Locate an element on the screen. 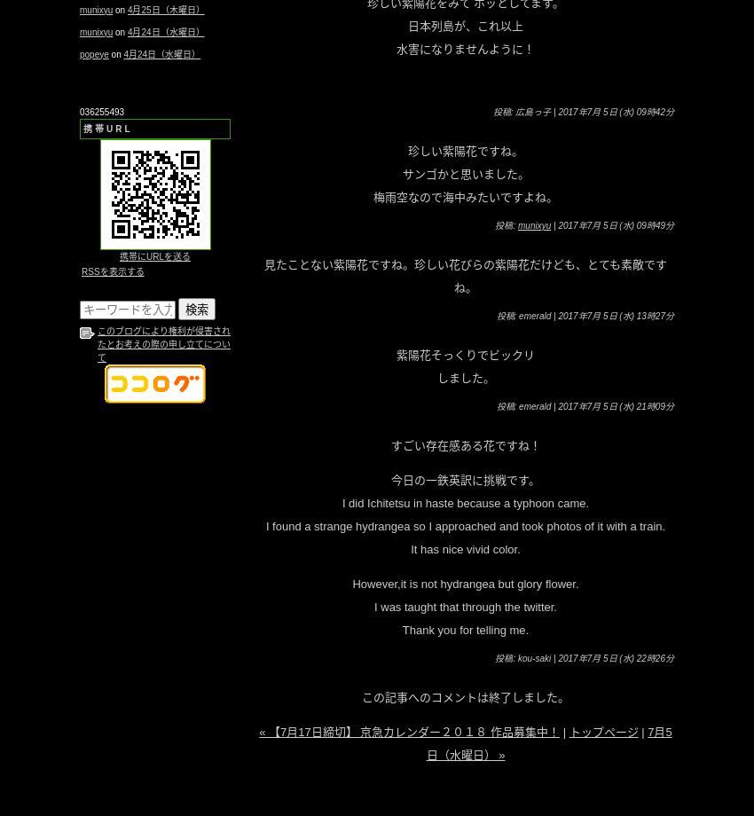 The height and width of the screenshot is (816, 754). '投稿:' is located at coordinates (495, 224).